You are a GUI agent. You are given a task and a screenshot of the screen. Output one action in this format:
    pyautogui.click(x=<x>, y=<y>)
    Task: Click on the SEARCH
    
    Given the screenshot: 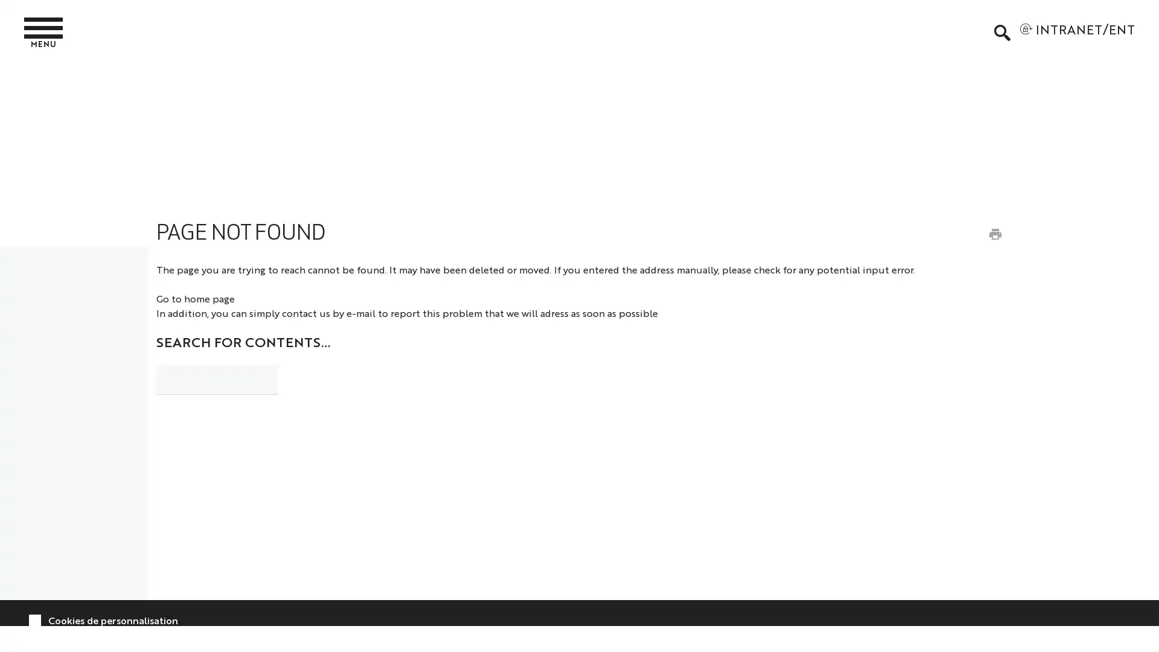 What is the action you would take?
    pyautogui.click(x=1001, y=32)
    